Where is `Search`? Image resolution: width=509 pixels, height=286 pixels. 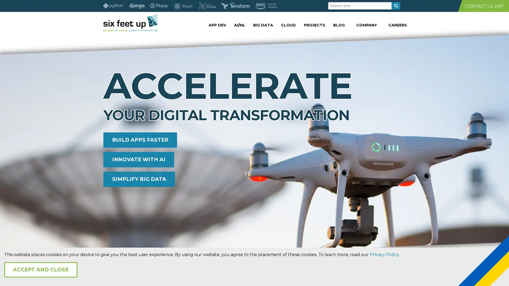
Search is located at coordinates (396, 6).